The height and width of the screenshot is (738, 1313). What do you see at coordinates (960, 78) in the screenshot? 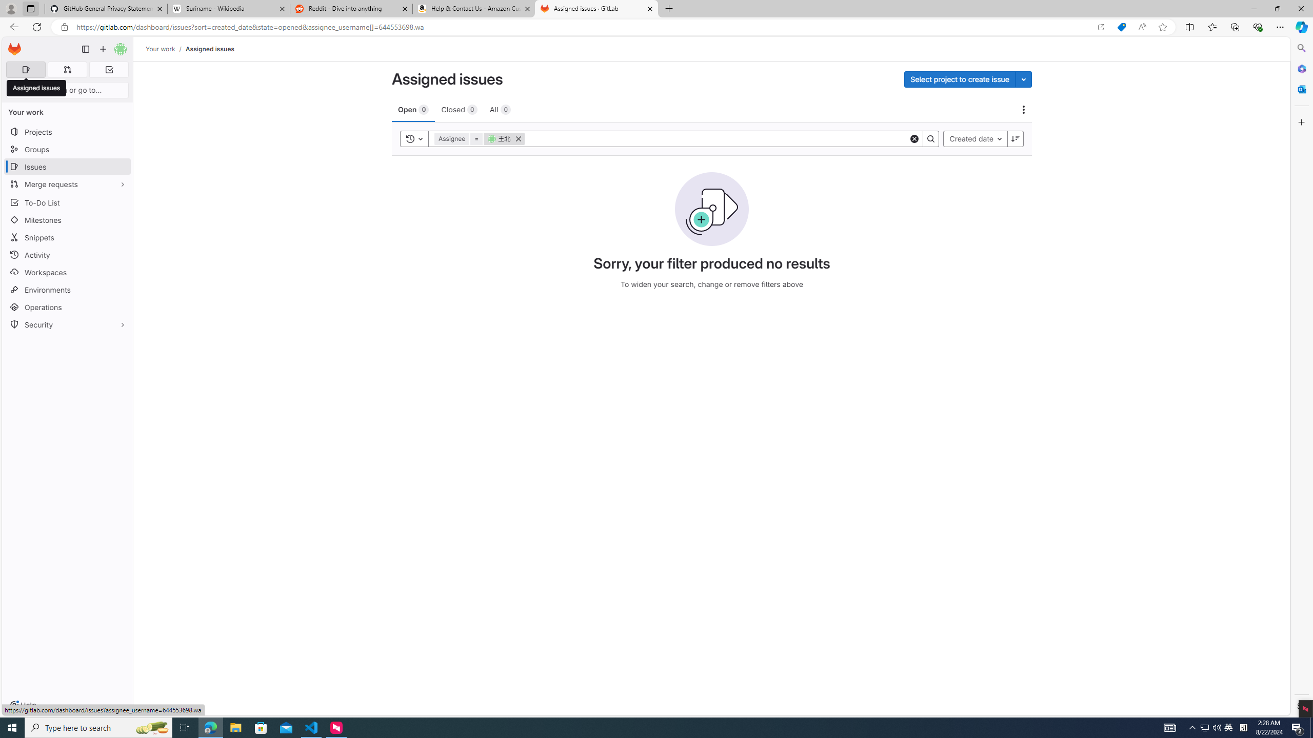
I see `'Select project to create issue'` at bounding box center [960, 78].